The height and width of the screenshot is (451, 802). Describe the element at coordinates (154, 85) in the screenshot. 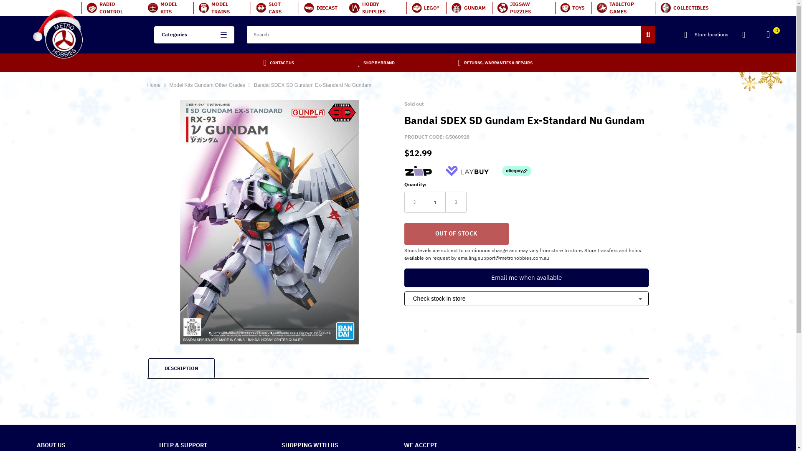

I see `'Home'` at that location.